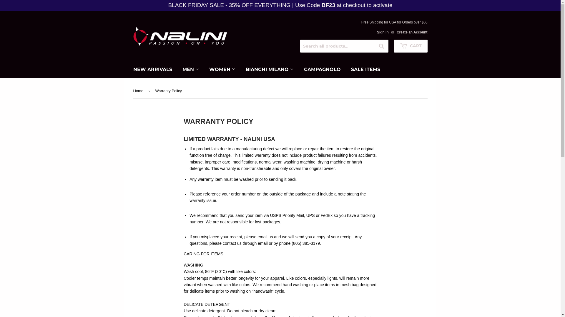  Describe the element at coordinates (383, 32) in the screenshot. I see `'Sign in'` at that location.